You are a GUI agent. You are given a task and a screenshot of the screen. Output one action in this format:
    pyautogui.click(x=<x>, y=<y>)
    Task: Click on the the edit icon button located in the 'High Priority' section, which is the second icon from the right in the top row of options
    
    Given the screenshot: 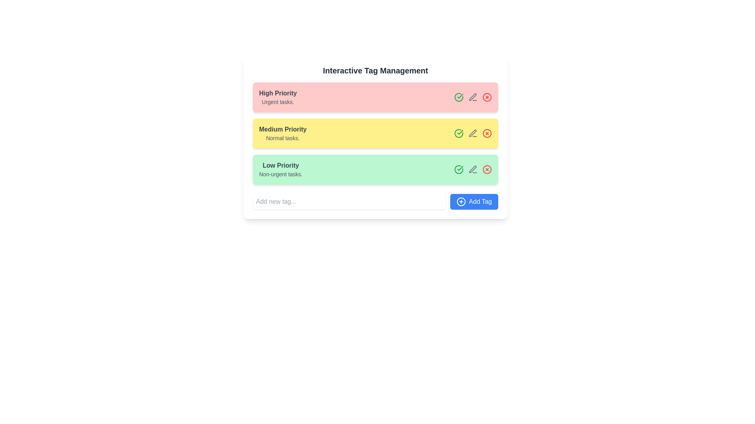 What is the action you would take?
    pyautogui.click(x=473, y=97)
    